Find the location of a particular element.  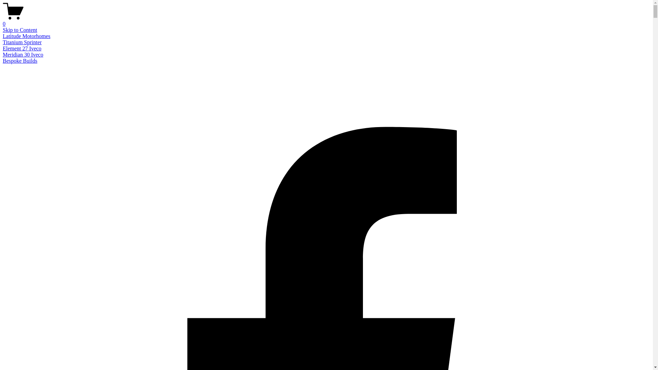

'Meridian 30 Iveco' is located at coordinates (23, 54).